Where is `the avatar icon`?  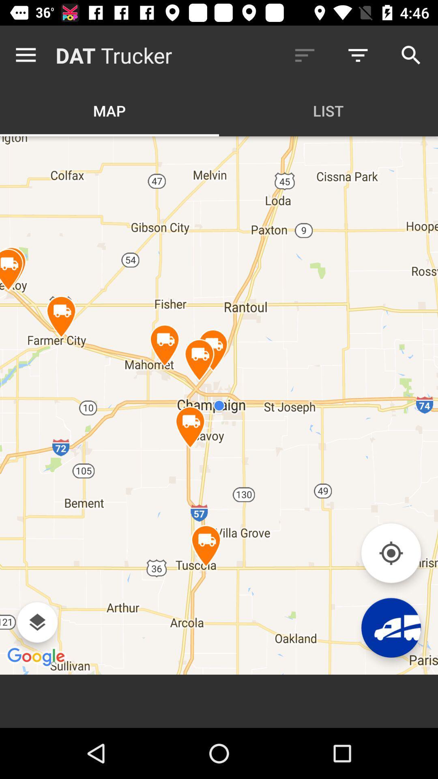 the avatar icon is located at coordinates (391, 627).